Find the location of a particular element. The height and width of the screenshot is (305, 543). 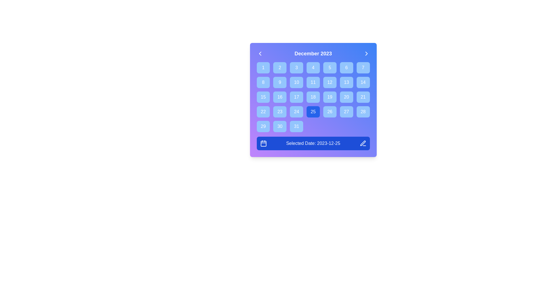

the calendar icon on the blue button in the date selection interface, which is the first graphical object in the bottom row is located at coordinates (263, 143).